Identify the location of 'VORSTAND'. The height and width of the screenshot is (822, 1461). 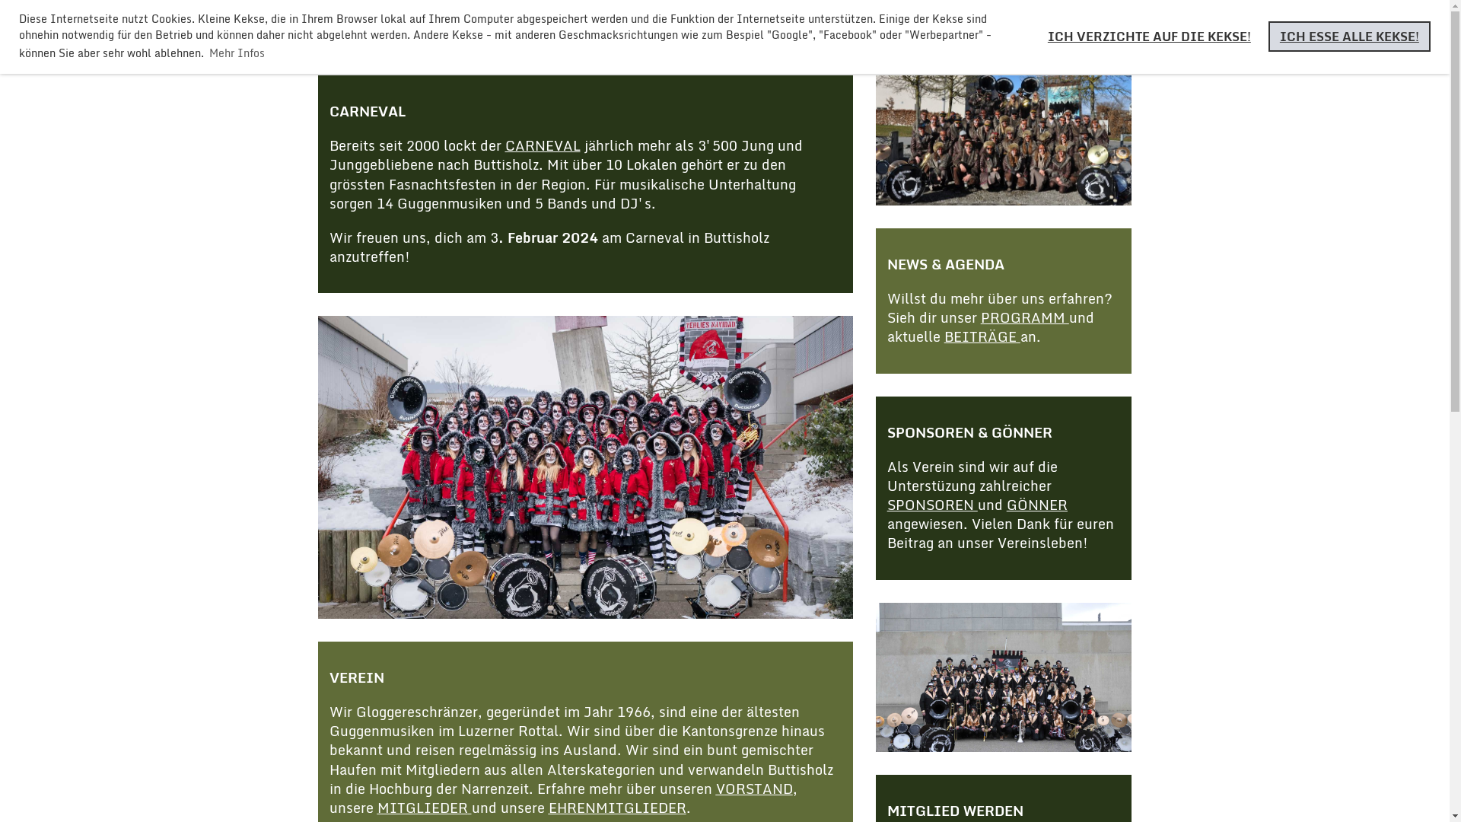
(753, 788).